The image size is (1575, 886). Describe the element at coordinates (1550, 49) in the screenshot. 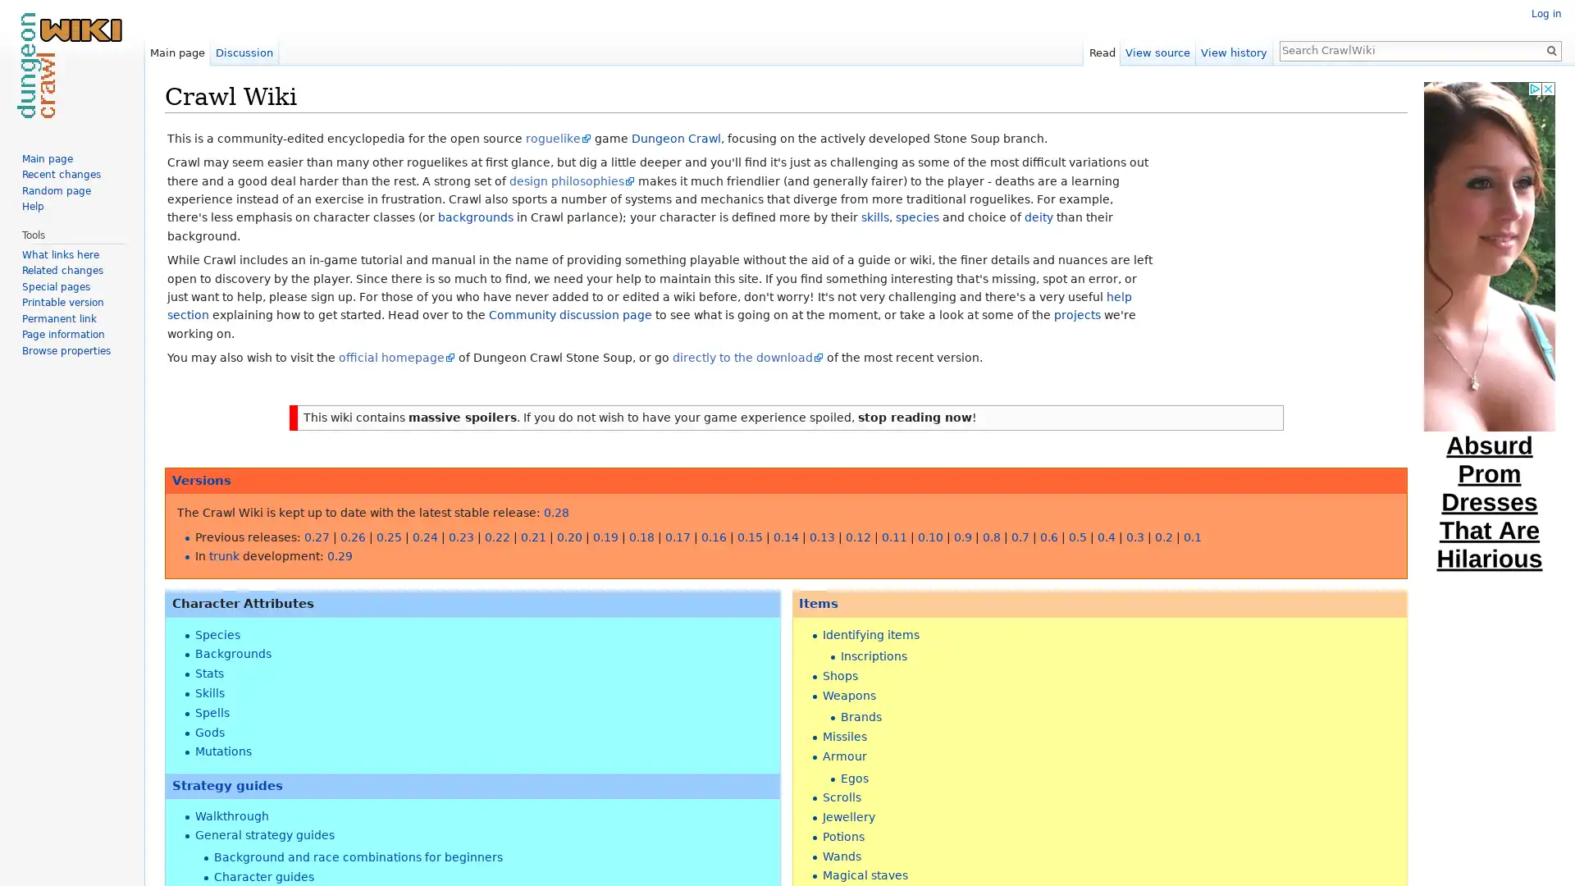

I see `Go` at that location.